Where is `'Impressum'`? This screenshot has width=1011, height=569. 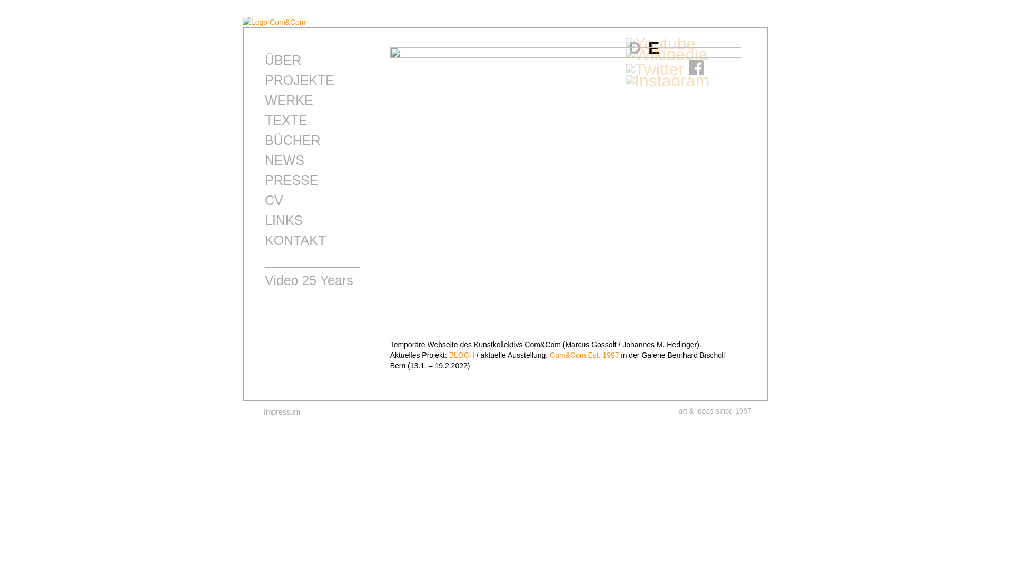
'Impressum' is located at coordinates (263, 411).